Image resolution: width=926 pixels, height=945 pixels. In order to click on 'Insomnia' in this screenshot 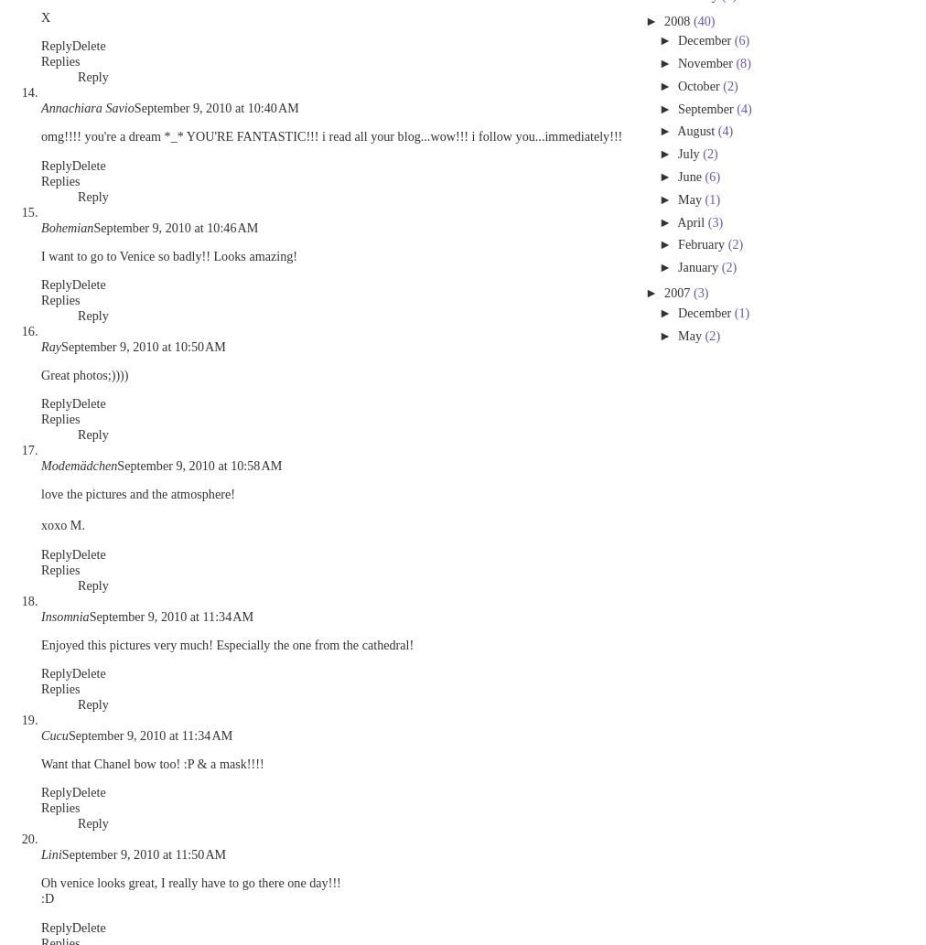, I will do `click(64, 614)`.